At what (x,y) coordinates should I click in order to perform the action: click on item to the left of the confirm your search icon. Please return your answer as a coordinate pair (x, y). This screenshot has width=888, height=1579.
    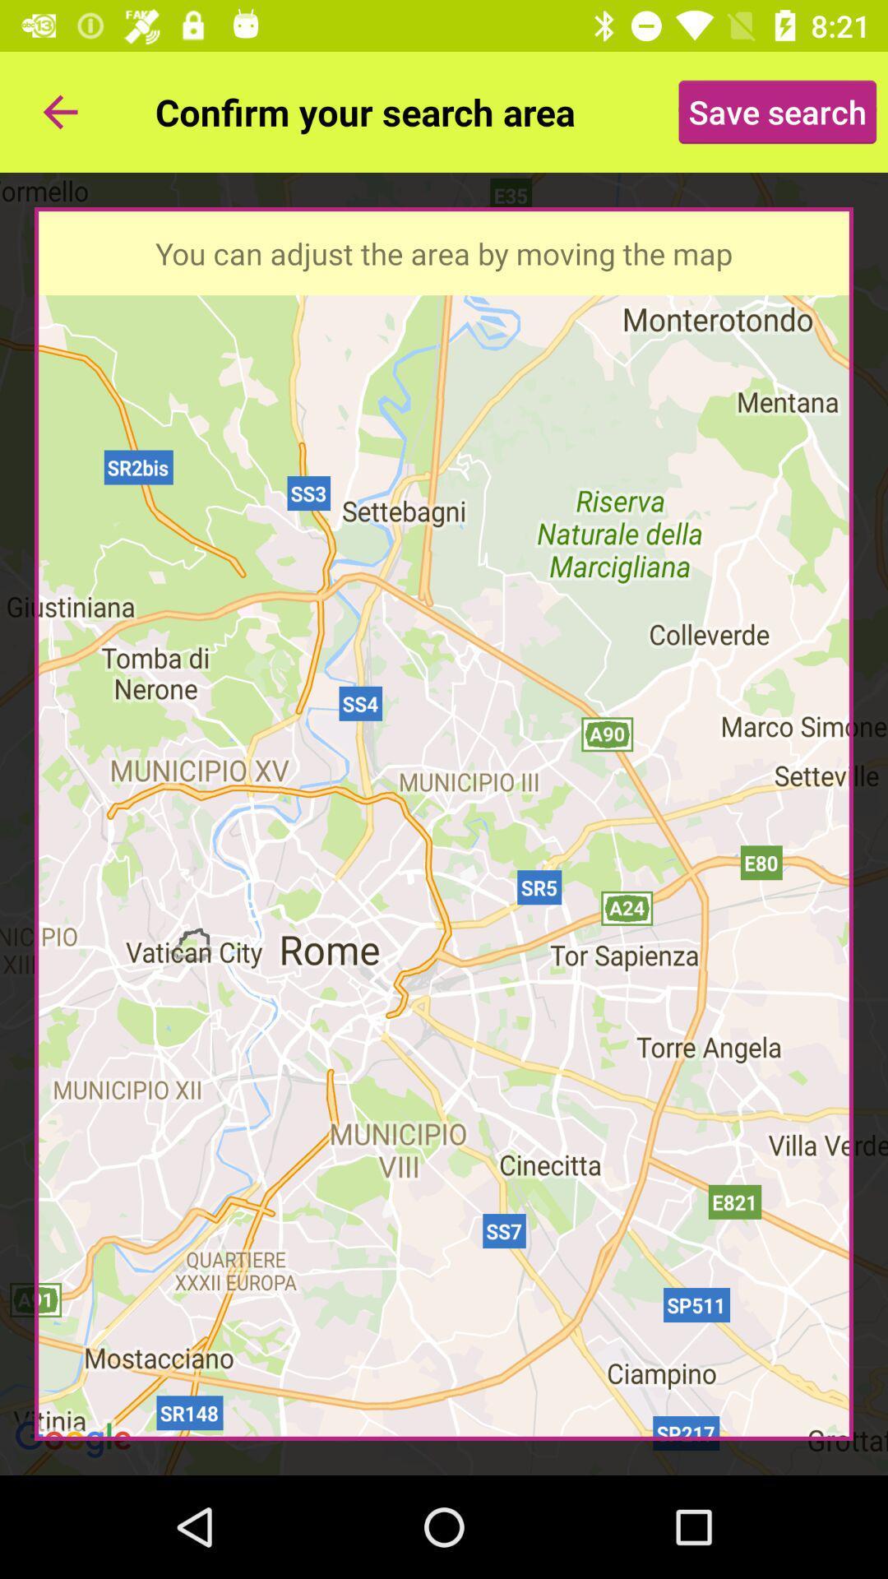
    Looking at the image, I should click on (59, 111).